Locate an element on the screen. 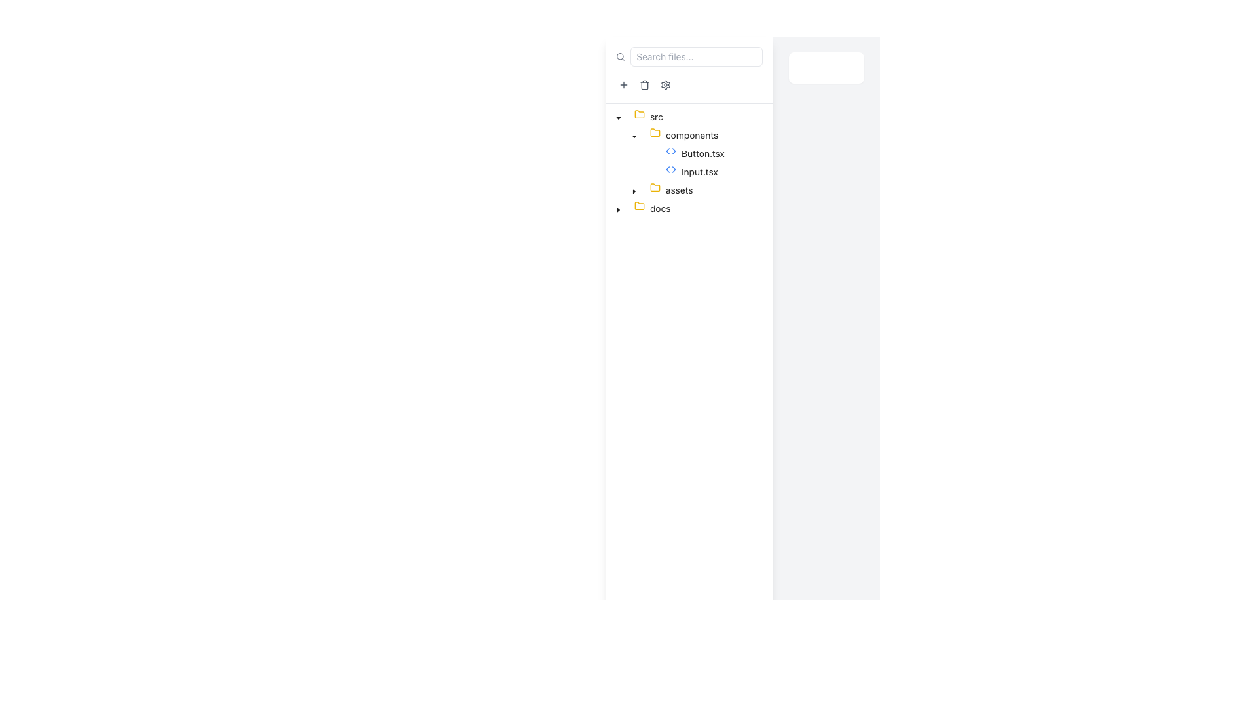 The height and width of the screenshot is (707, 1257). the folder icon representing 'assets' in the tree structure of the file hierarchy is located at coordinates (655, 187).